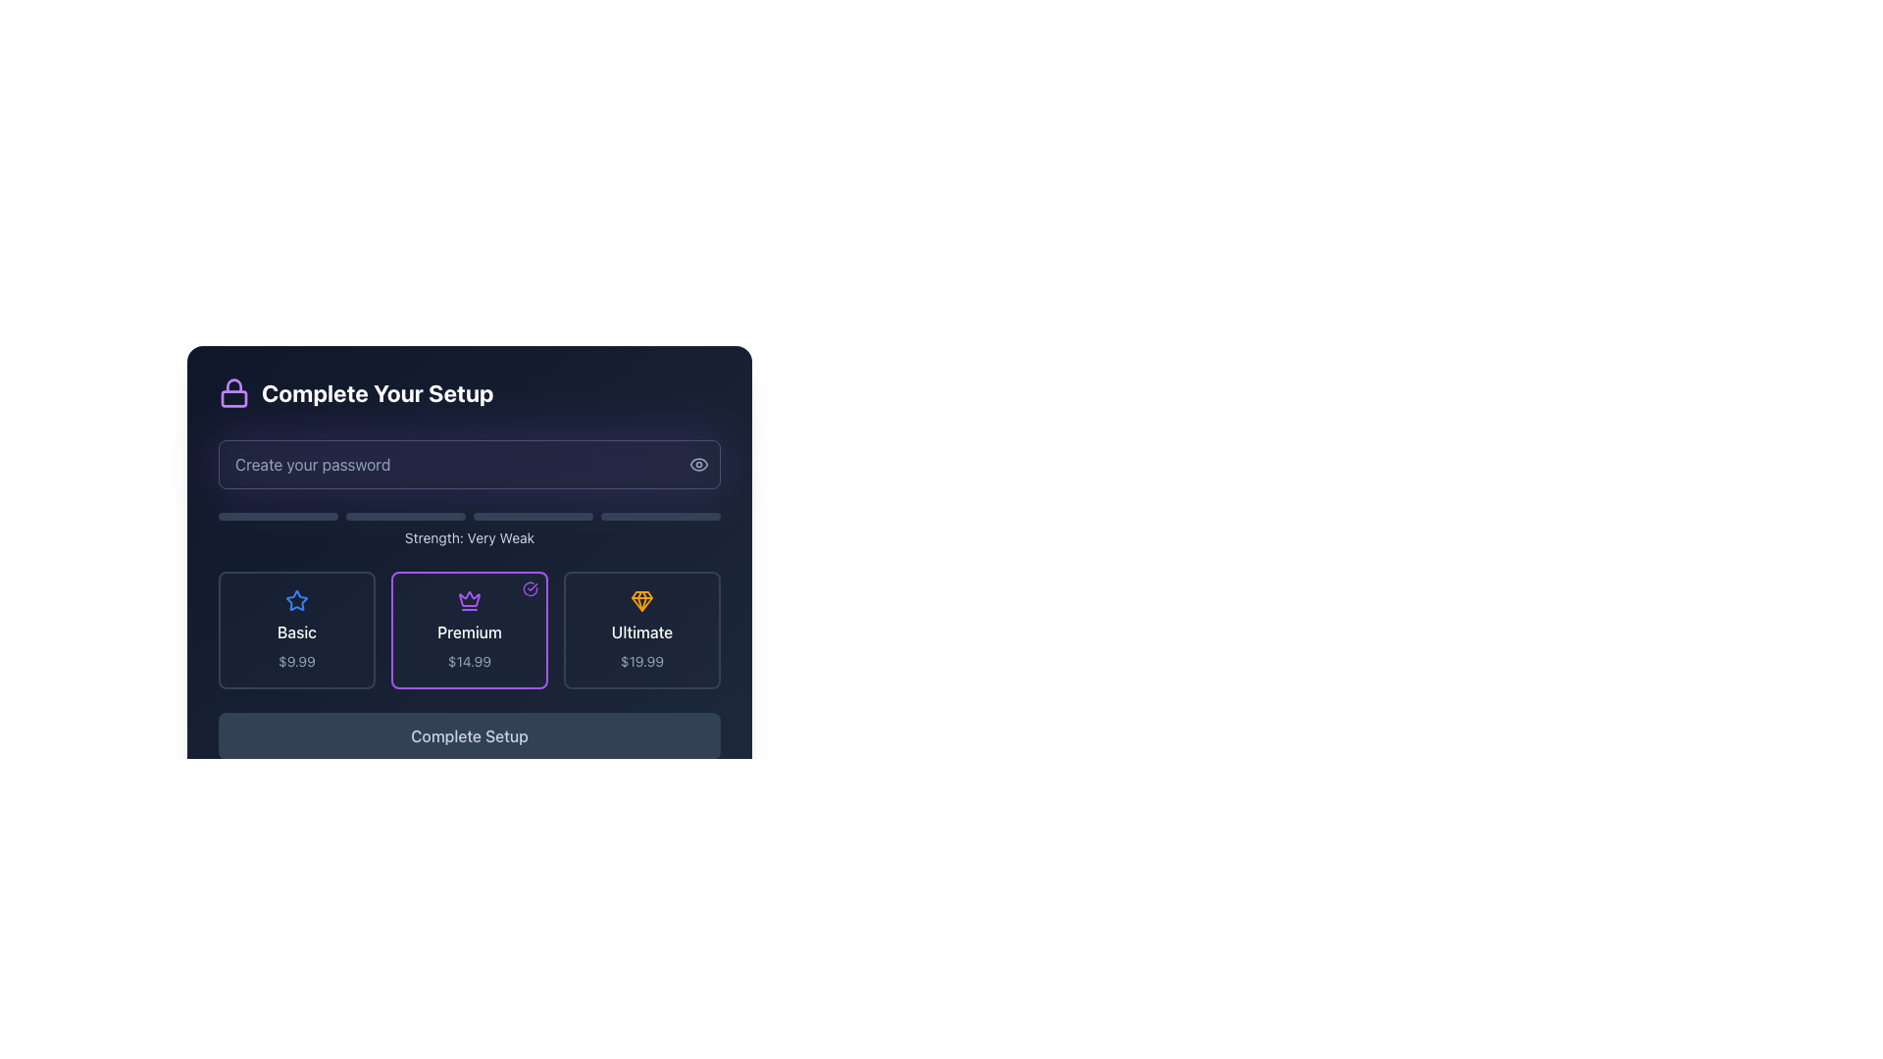  What do you see at coordinates (277, 516) in the screenshot?
I see `the first progress bar segment, which is a horizontally narrow rectangular element with rounded edges, located below the password input field and above the text indicating password strength` at bounding box center [277, 516].